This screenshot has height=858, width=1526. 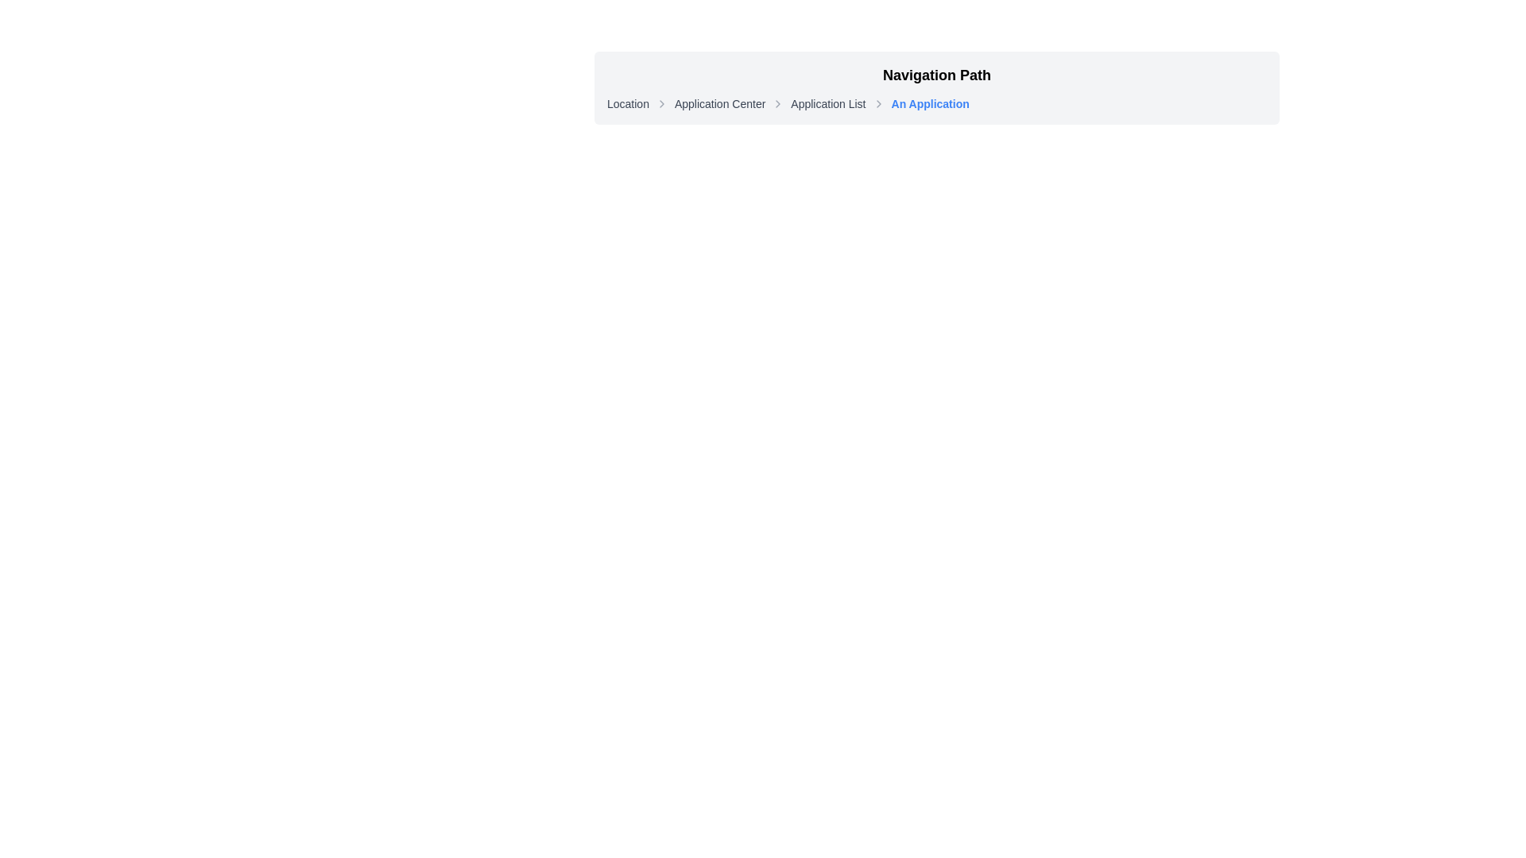 I want to click on the navigational link that directs users to the 'Application List' section, positioned between 'Application Center' and a right-pointing chevron icon in the breadcrumb navigation sequence, so click(x=827, y=104).